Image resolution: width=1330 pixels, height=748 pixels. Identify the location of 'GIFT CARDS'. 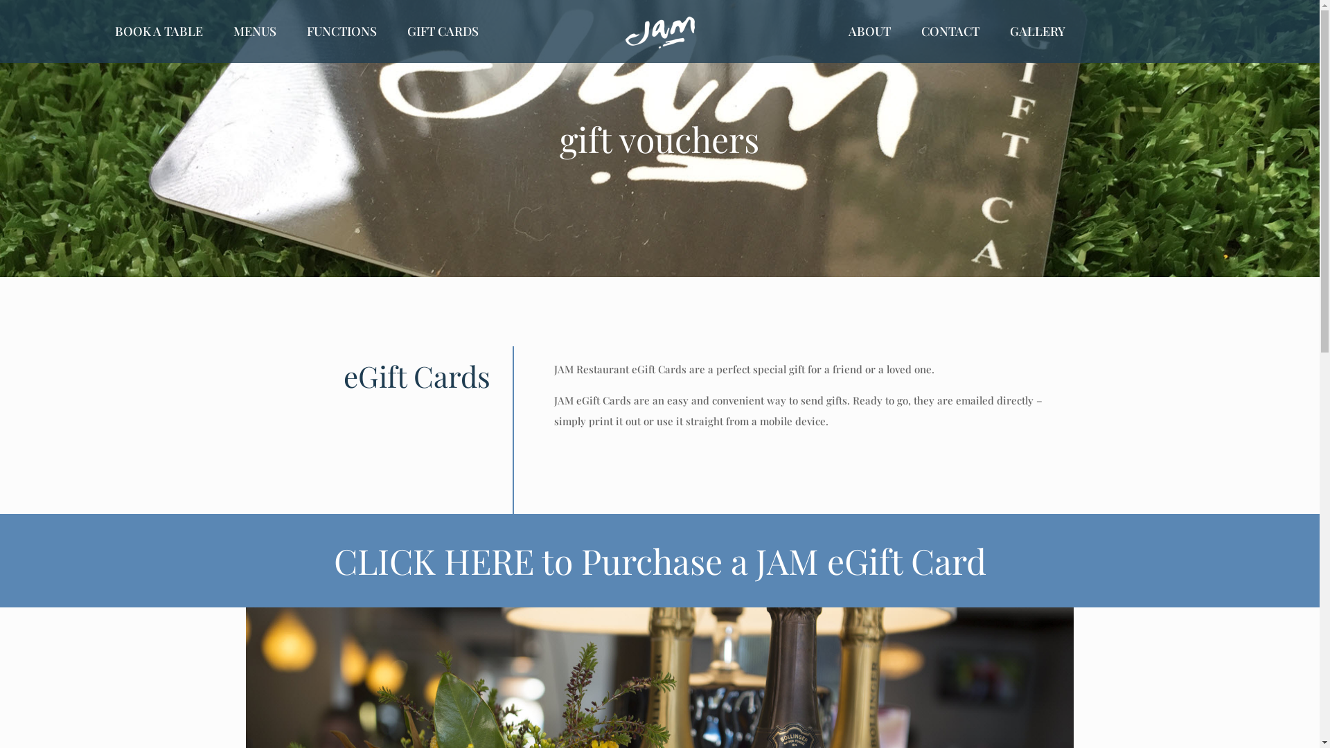
(442, 31).